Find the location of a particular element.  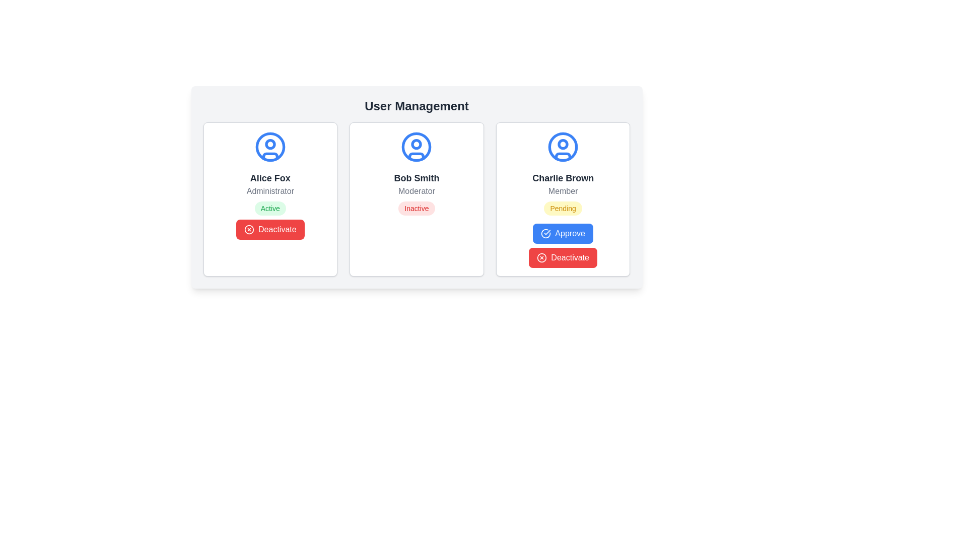

the Text label displaying the user's name, which reads 'Alice Fox', styled in bold black font and located prominently below the user icon in the user profile card is located at coordinates (270, 178).